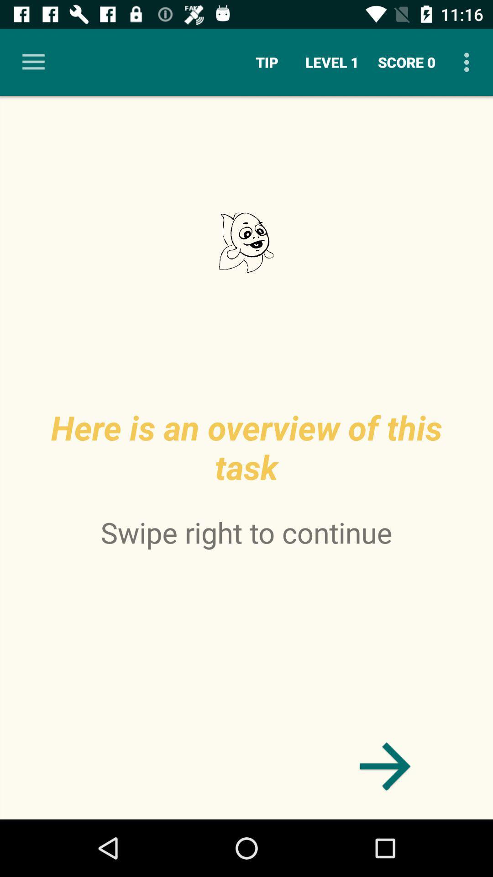  I want to click on the icon next to score 0, so click(469, 62).